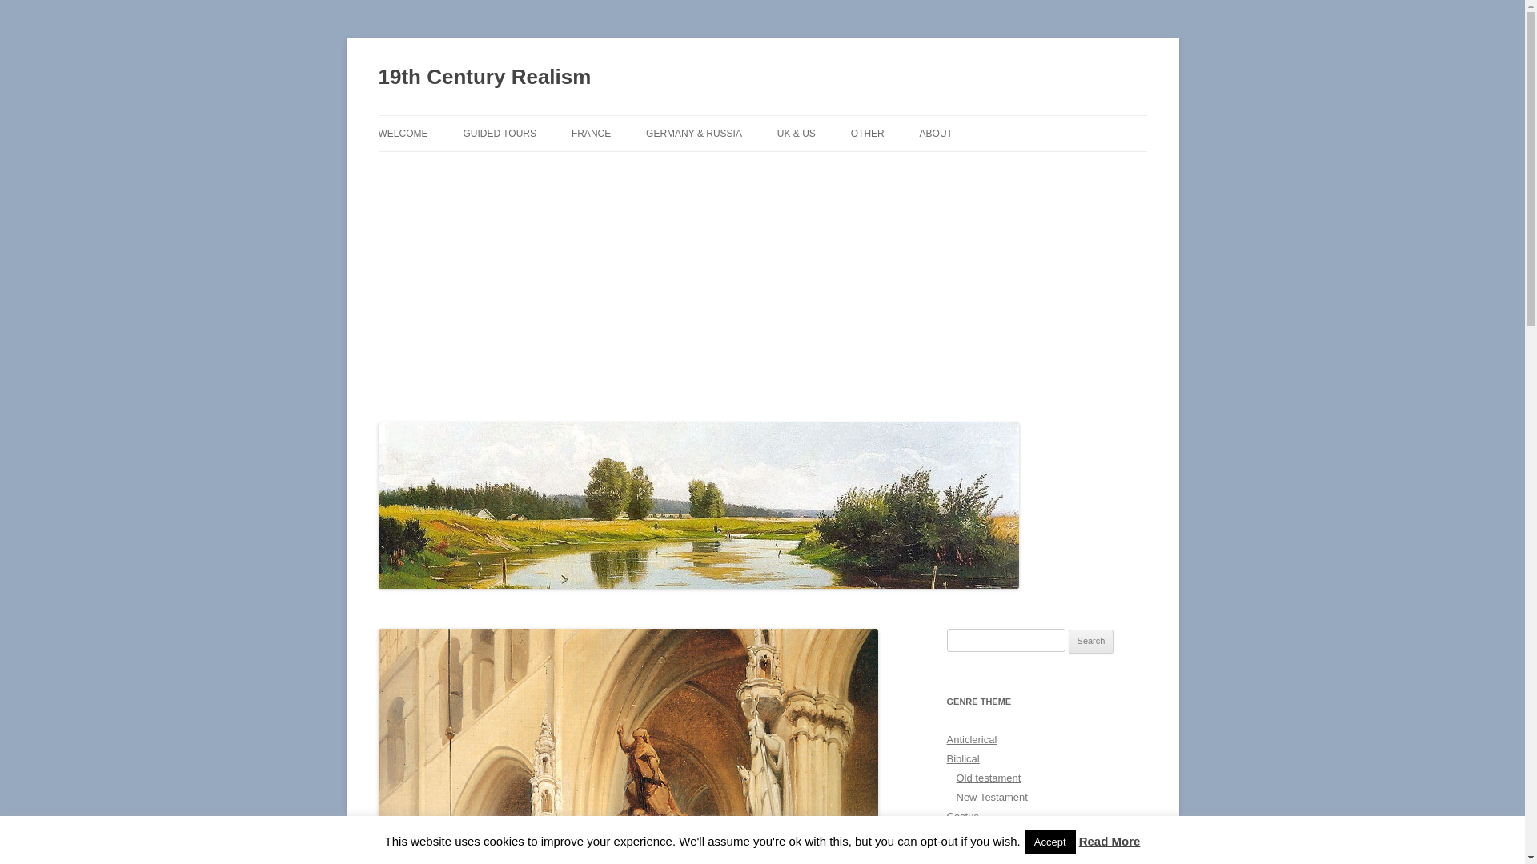 The height and width of the screenshot is (864, 1537). Describe the element at coordinates (572, 132) in the screenshot. I see `'FRANCE'` at that location.